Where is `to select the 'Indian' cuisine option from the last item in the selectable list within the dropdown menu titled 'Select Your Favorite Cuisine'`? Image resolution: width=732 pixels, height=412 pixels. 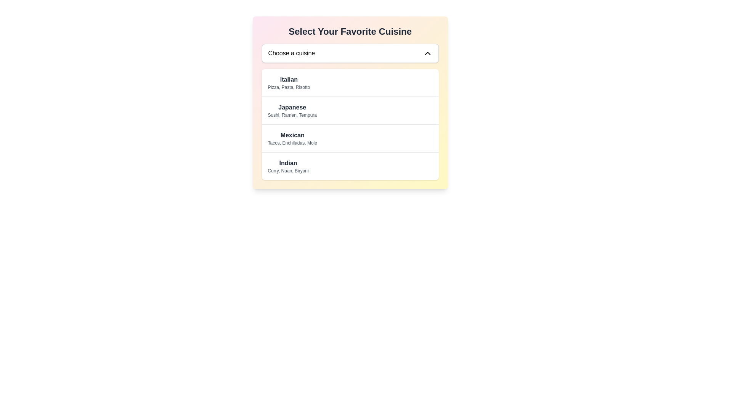
to select the 'Indian' cuisine option from the last item in the selectable list within the dropdown menu titled 'Select Your Favorite Cuisine' is located at coordinates (287, 166).